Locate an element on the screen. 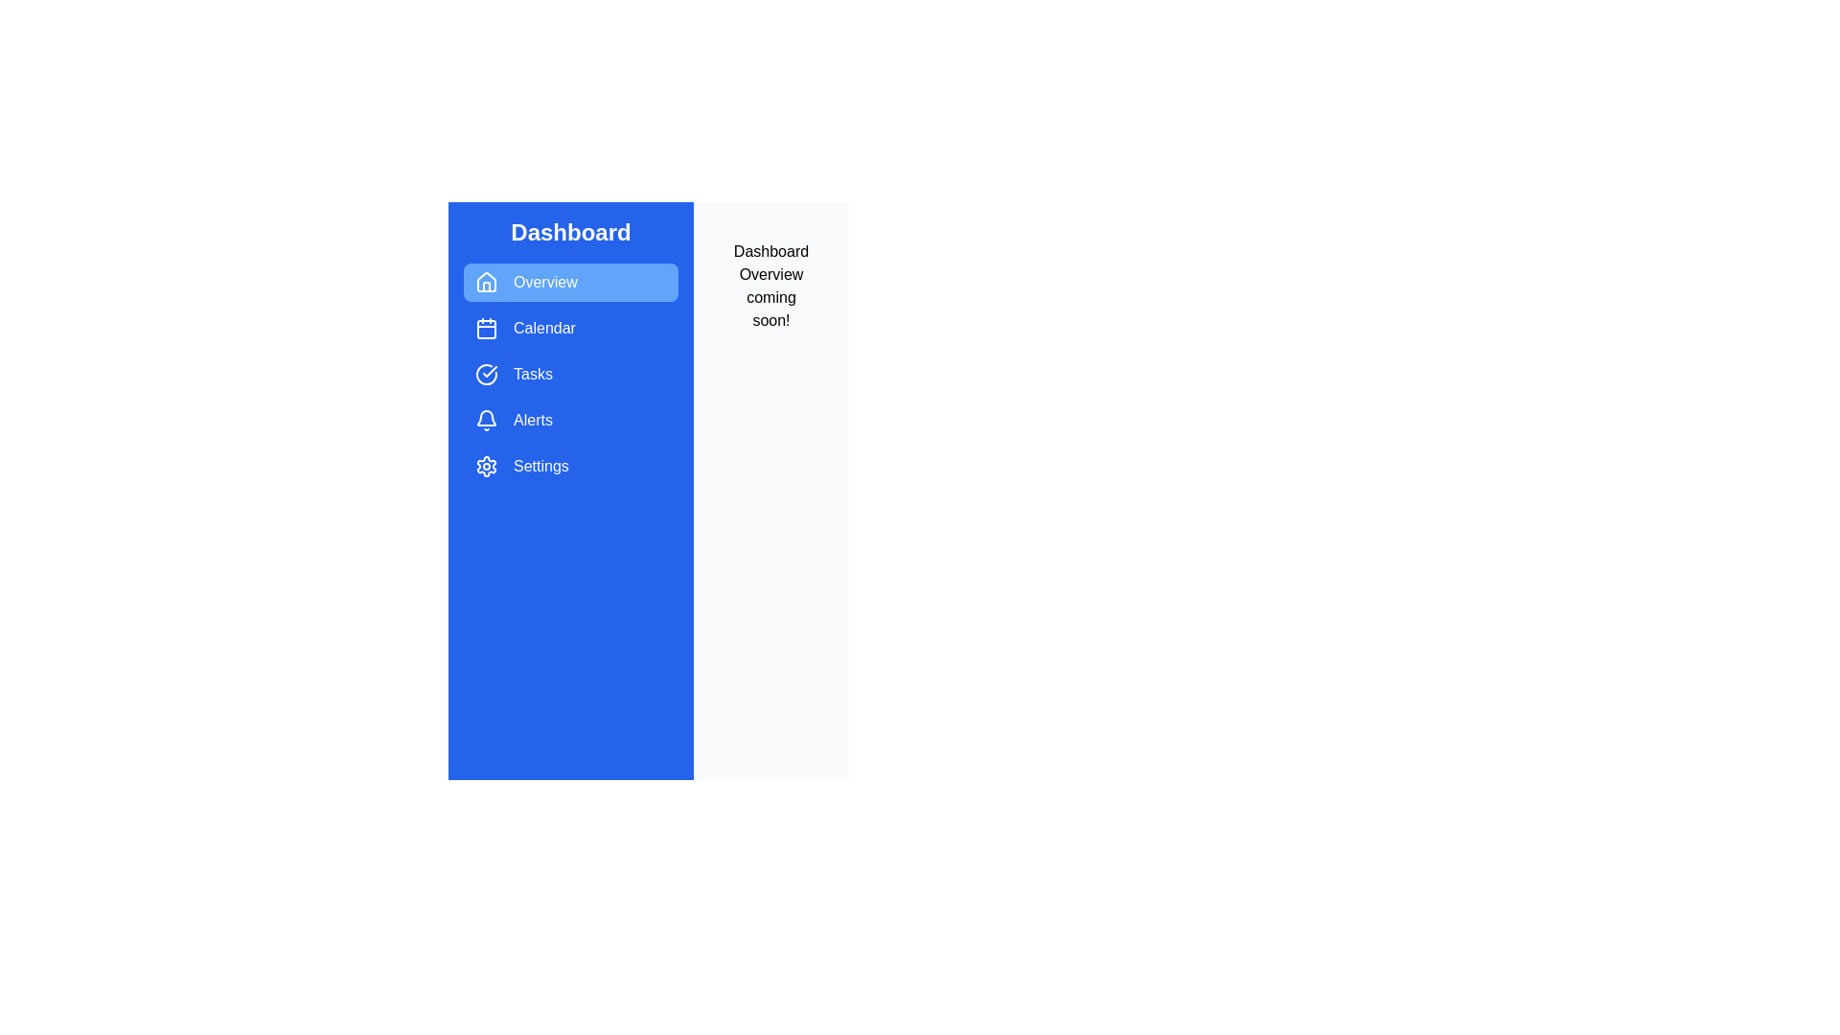  the bell icon in the navigation menu is located at coordinates (487, 417).